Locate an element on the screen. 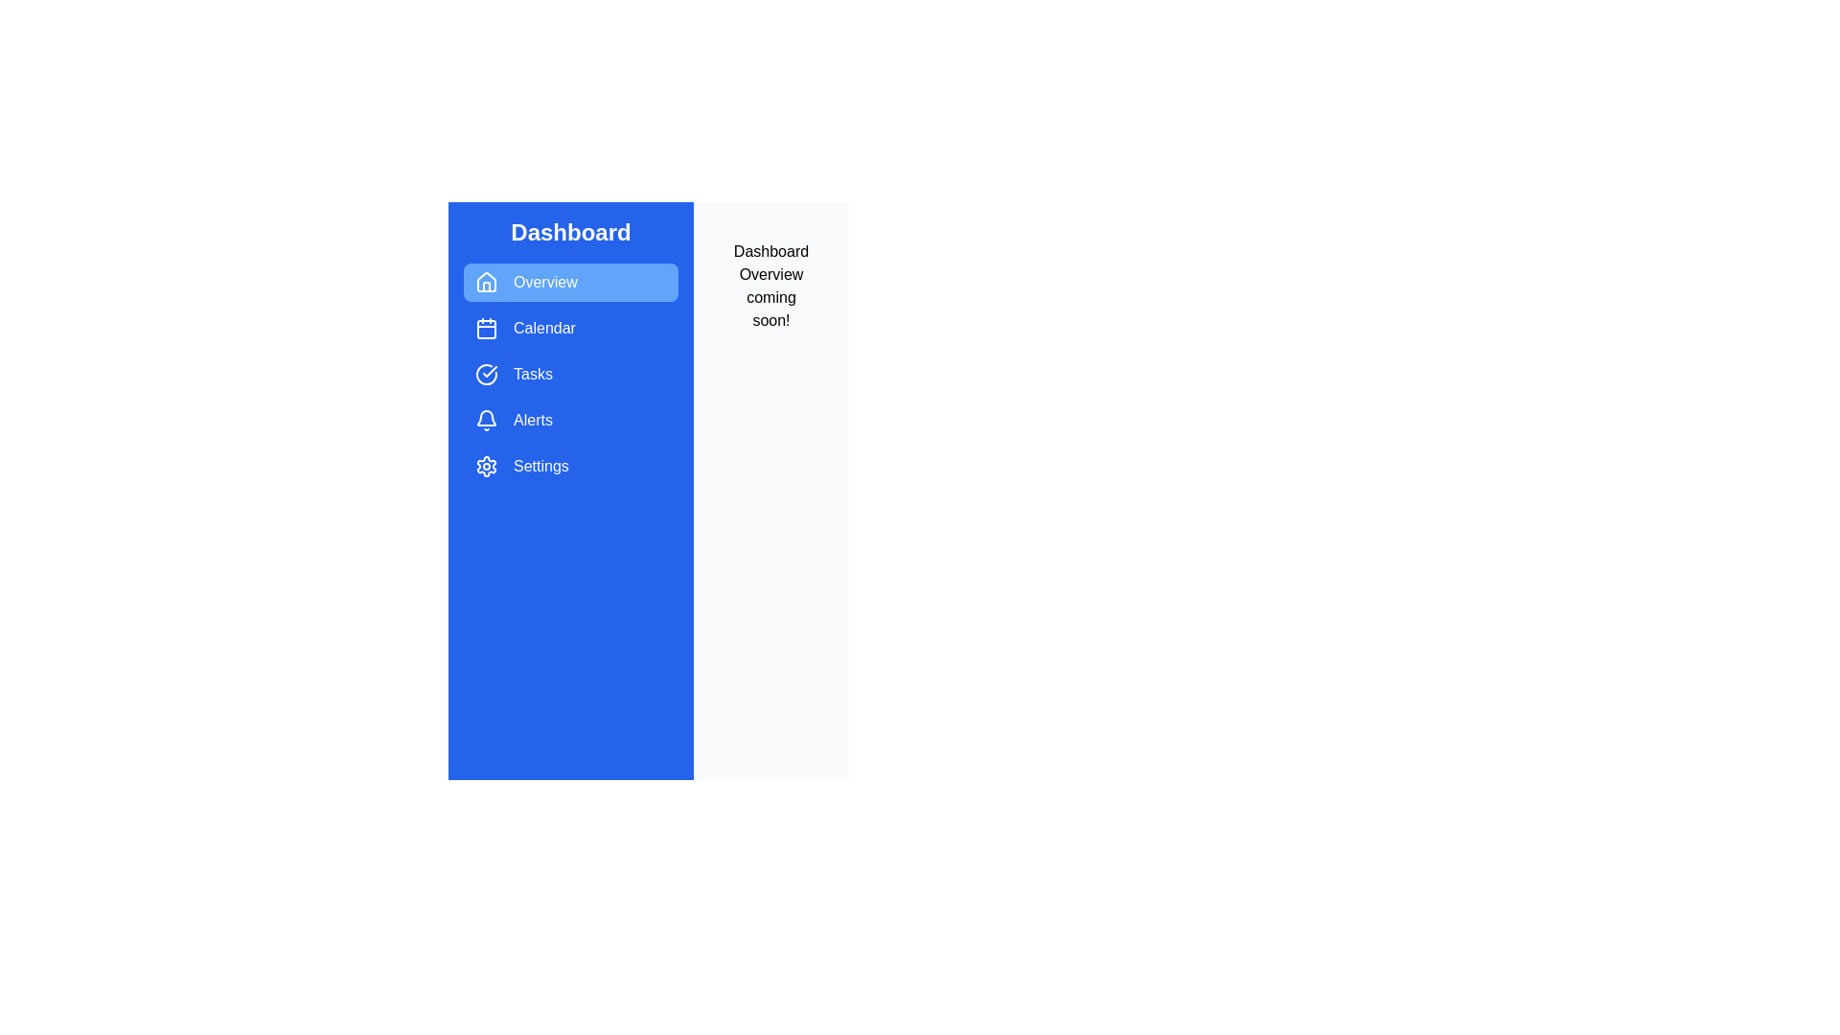  the bell icon in the navigation menu is located at coordinates (487, 417).